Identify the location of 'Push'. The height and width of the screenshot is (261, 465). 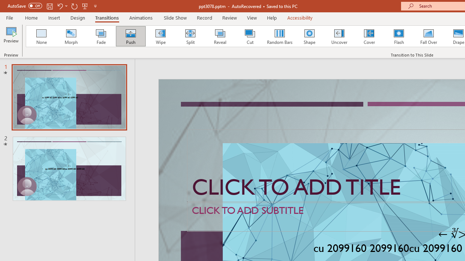
(130, 36).